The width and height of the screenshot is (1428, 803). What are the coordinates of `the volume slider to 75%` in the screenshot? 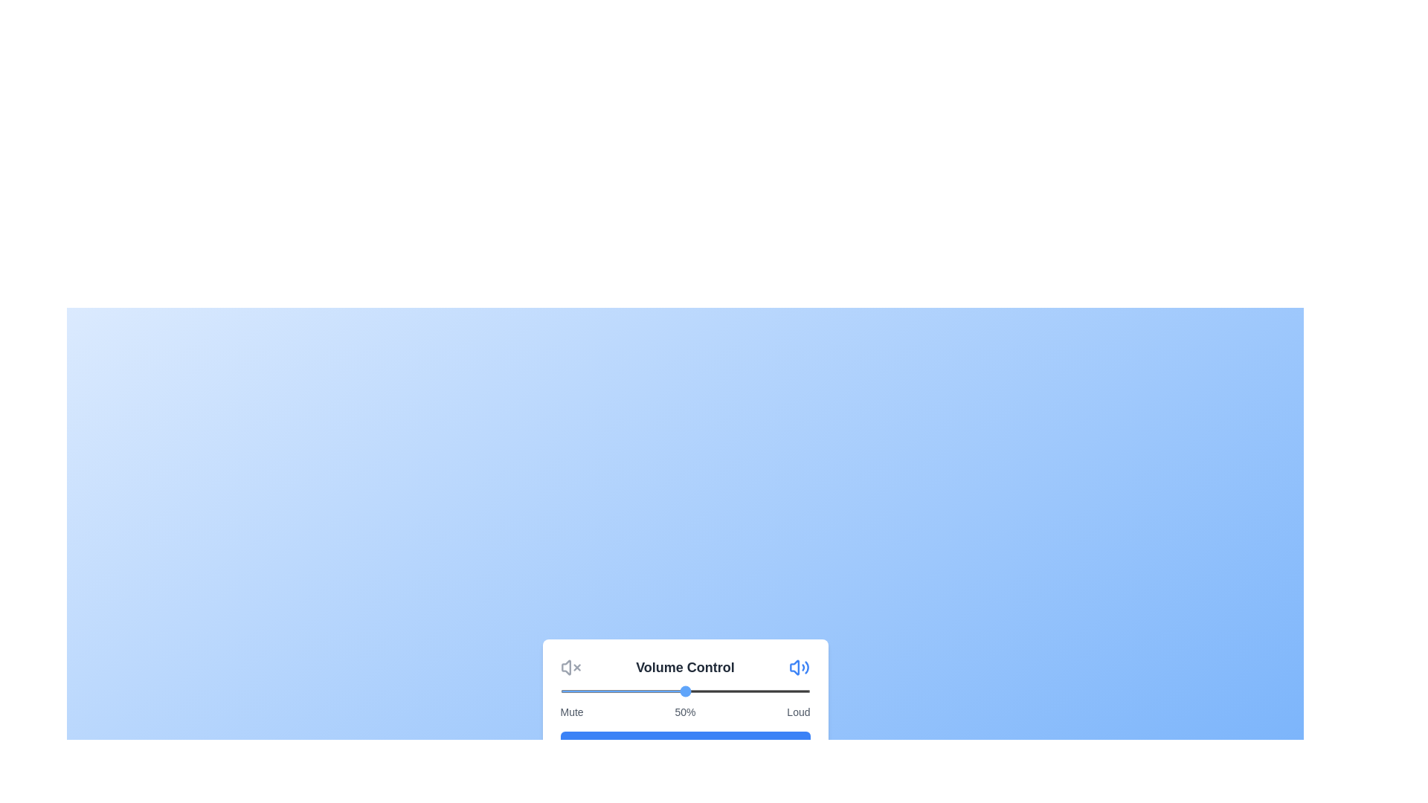 It's located at (747, 691).